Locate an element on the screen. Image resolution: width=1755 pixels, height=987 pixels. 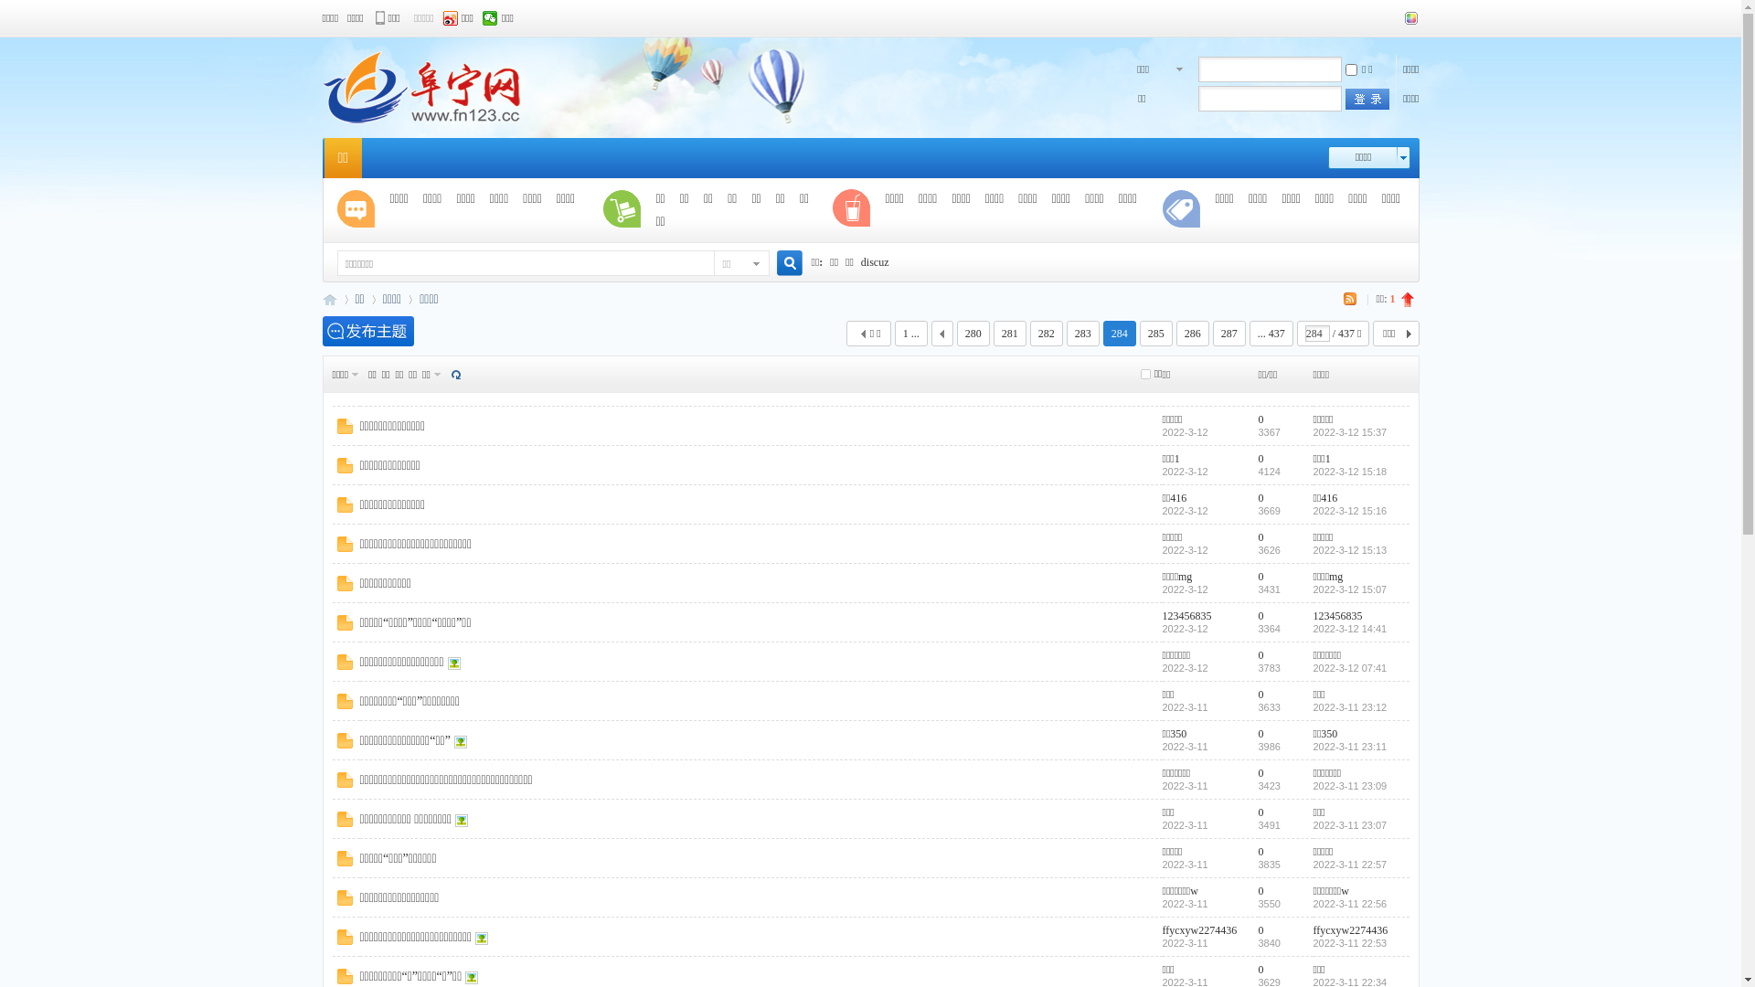
'1 ...' is located at coordinates (911, 334).